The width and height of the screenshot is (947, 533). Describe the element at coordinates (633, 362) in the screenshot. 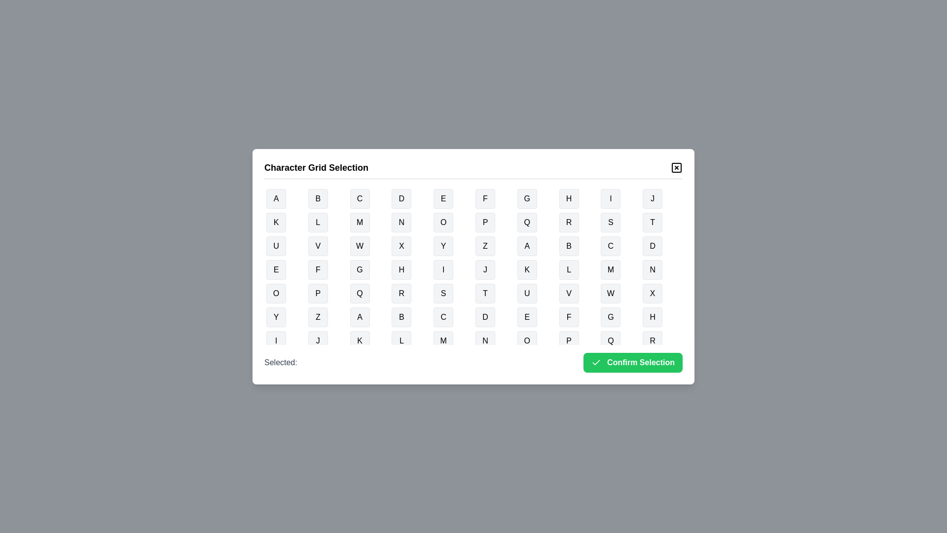

I see `the 'Confirm Selection' button` at that location.